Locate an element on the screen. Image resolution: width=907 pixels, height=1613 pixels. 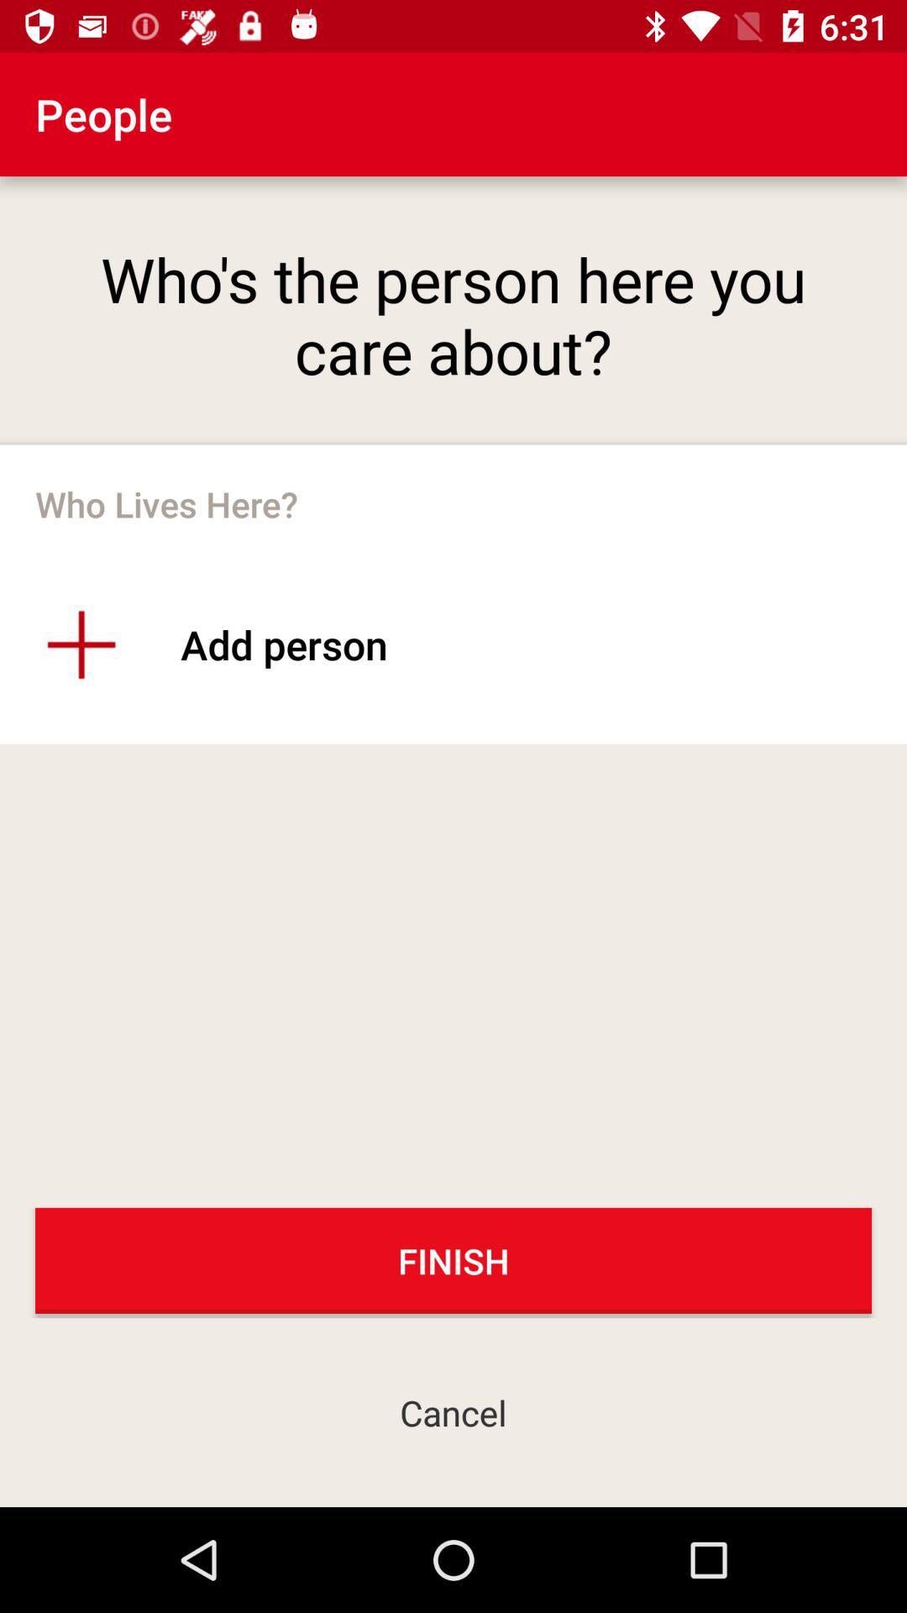
the icon below the finish item is located at coordinates (453, 1411).